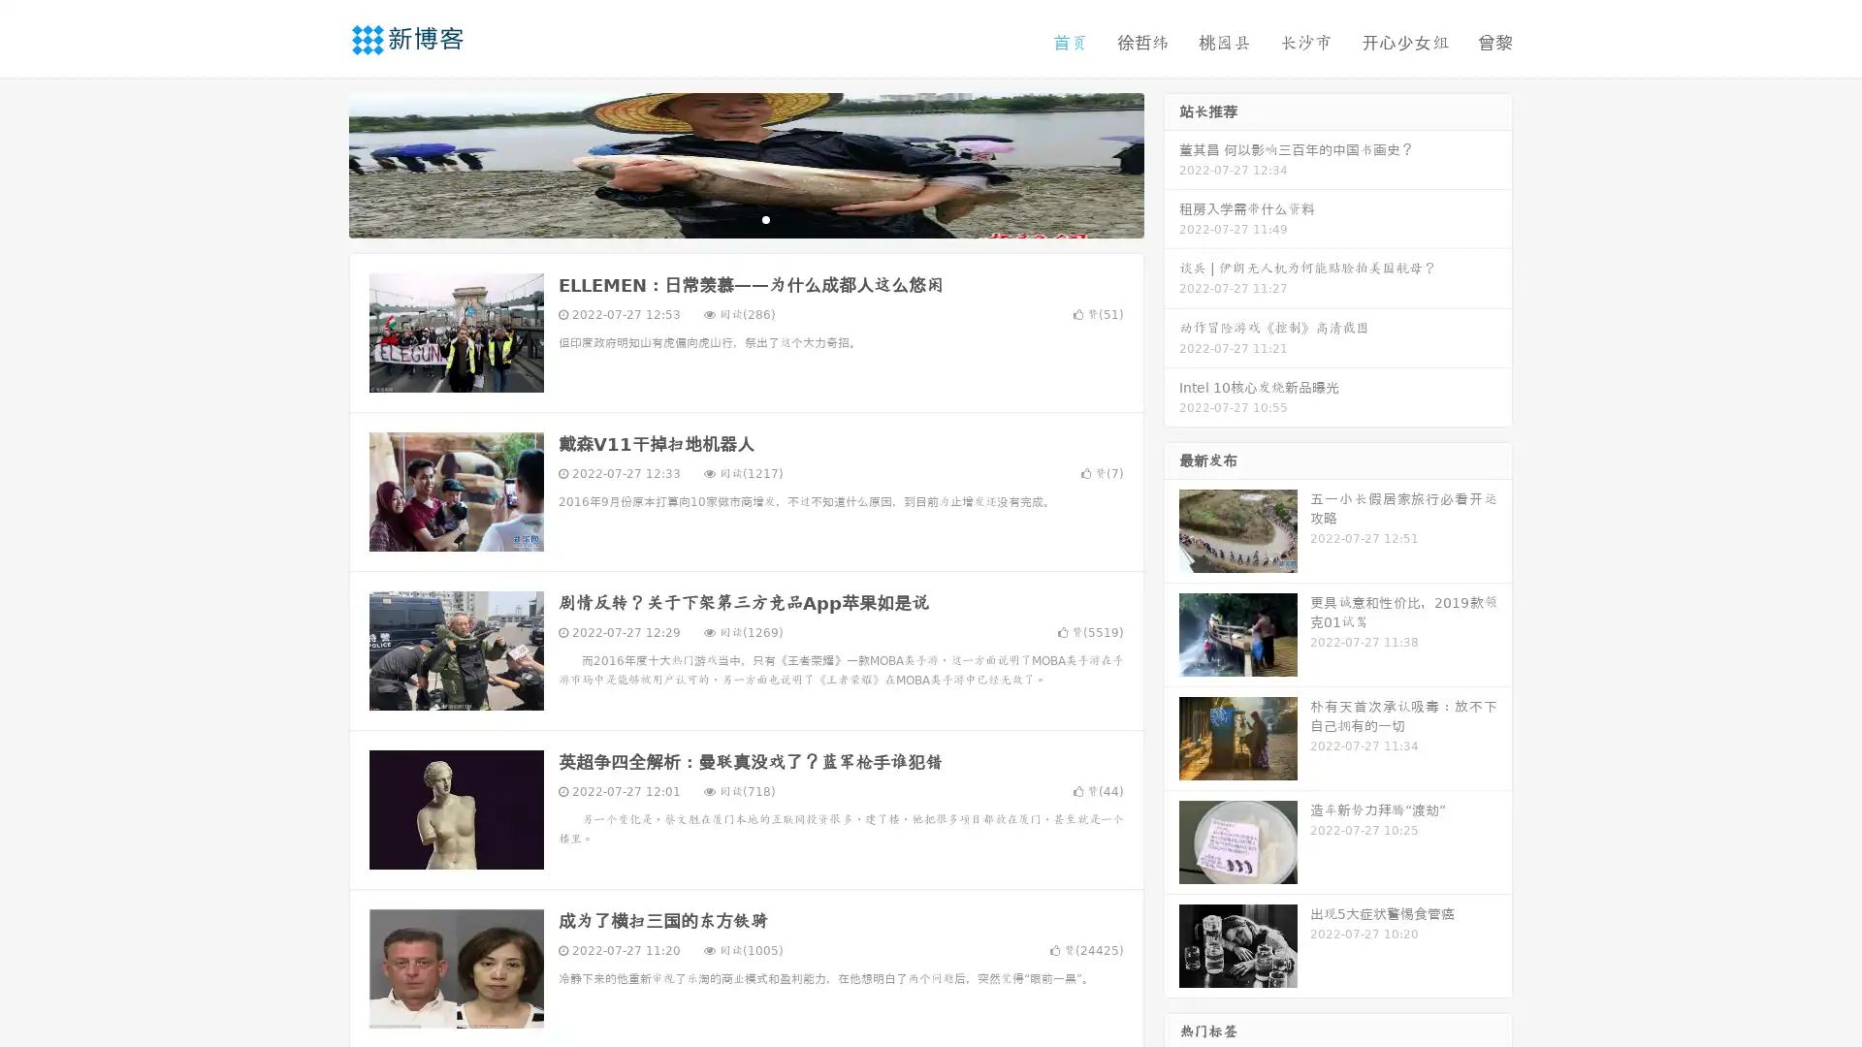  Describe the element at coordinates (320, 163) in the screenshot. I see `Previous slide` at that location.